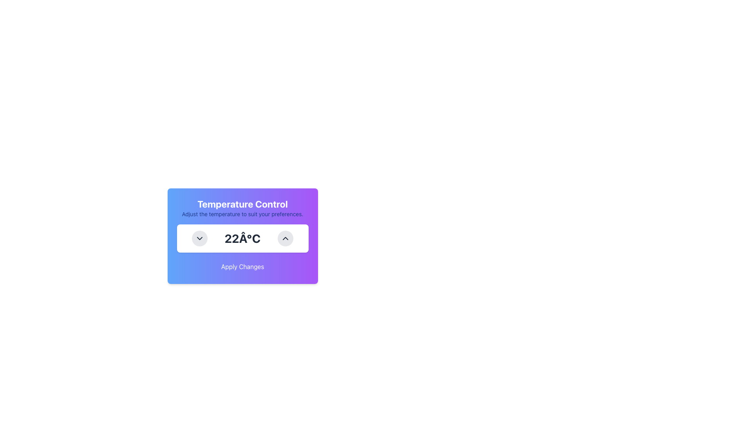 The height and width of the screenshot is (423, 752). What do you see at coordinates (285, 238) in the screenshot?
I see `the button on the right-hand side of the temperature display to increase the temperature value` at bounding box center [285, 238].